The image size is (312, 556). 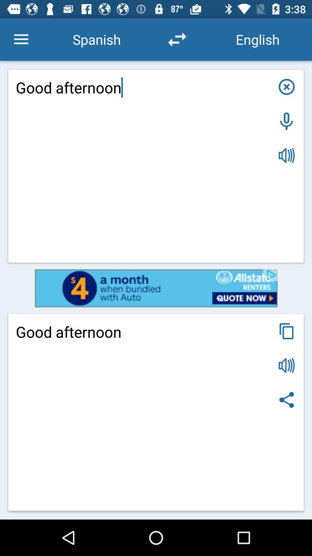 I want to click on switch between english/spanish, so click(x=177, y=39).